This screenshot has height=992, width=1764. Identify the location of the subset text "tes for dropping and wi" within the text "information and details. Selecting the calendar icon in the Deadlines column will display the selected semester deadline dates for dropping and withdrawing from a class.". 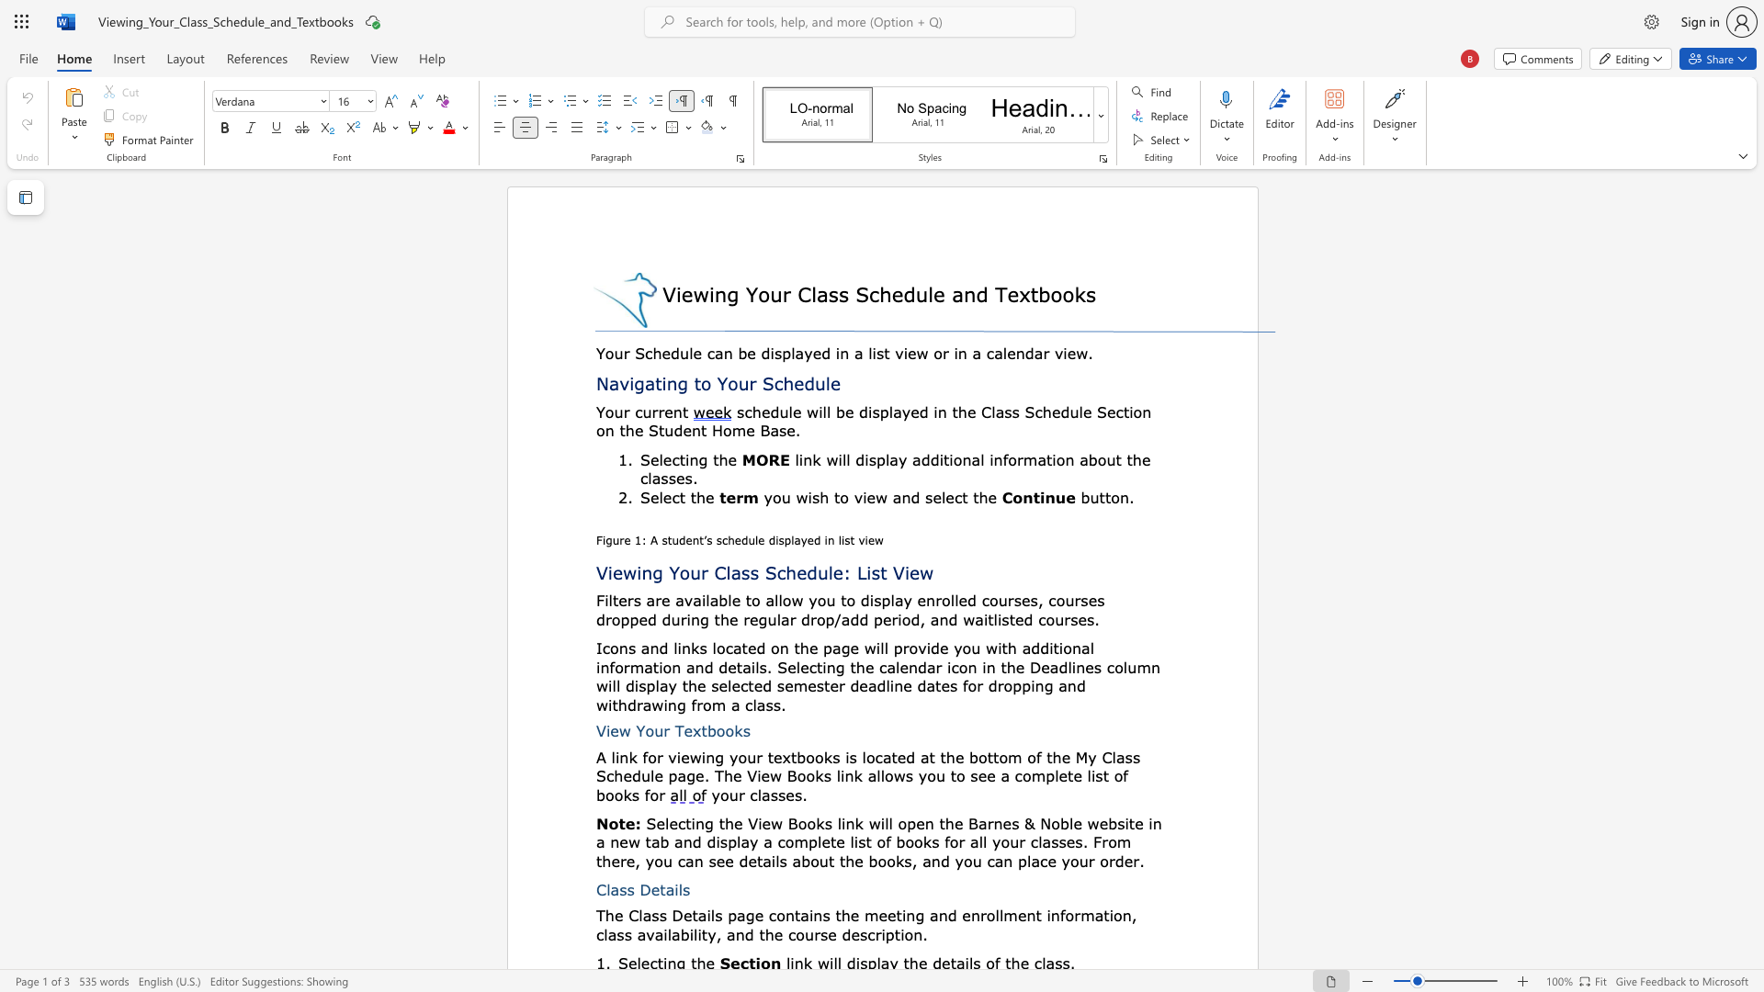
(935, 685).